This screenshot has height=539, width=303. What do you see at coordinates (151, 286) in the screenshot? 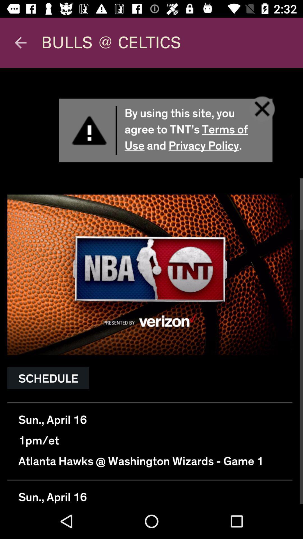
I see `front page` at bounding box center [151, 286].